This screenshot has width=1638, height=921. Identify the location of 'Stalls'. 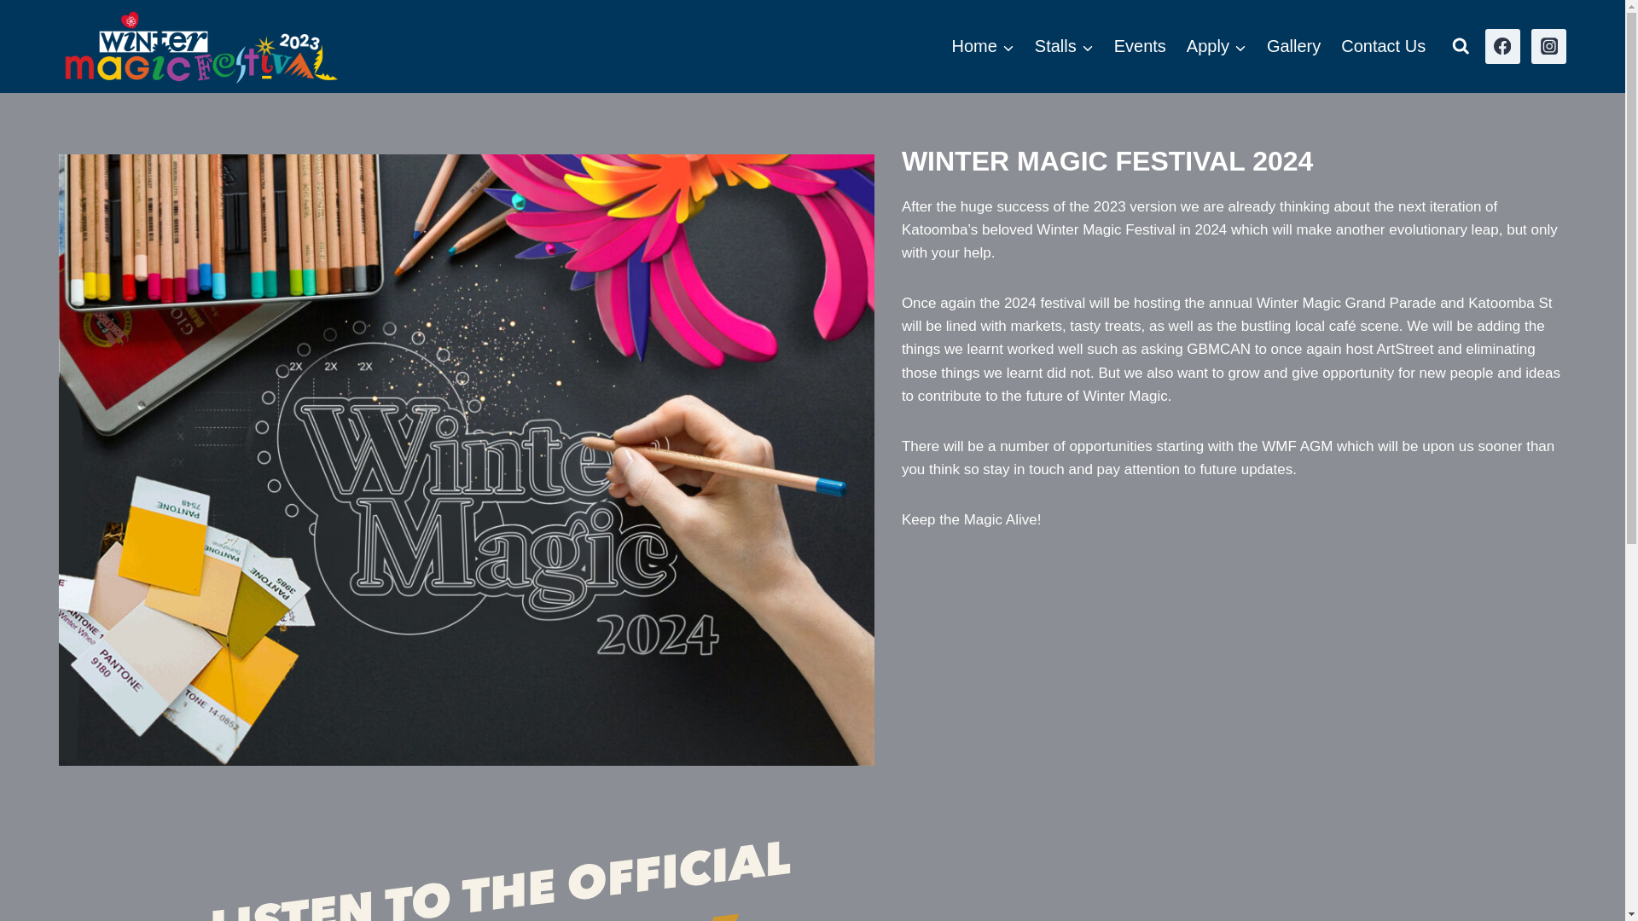
(1063, 45).